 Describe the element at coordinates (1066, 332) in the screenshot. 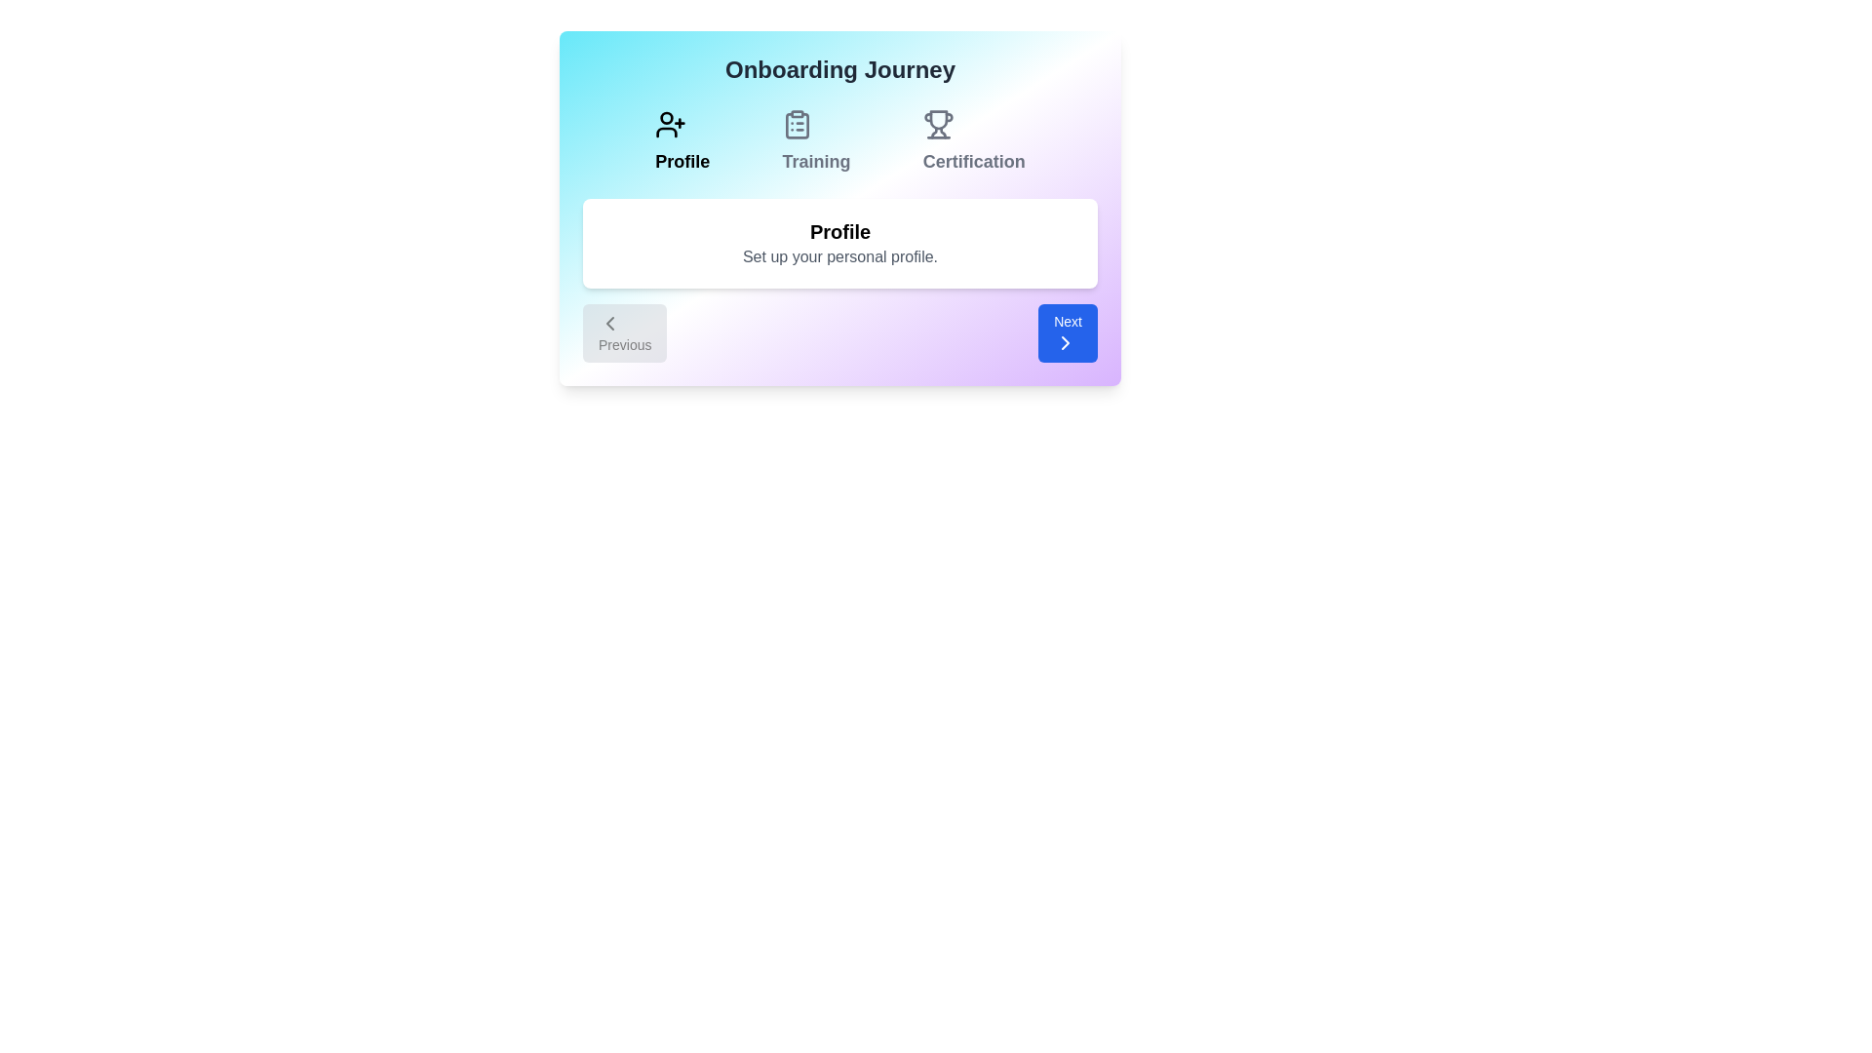

I see `the 'Next' button to navigate to the next step in the onboarding process` at that location.